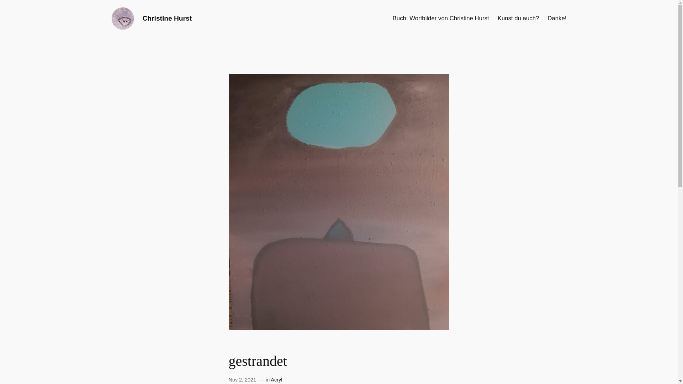 This screenshot has width=683, height=384. I want to click on 'Nov 2, 2021', so click(242, 379).